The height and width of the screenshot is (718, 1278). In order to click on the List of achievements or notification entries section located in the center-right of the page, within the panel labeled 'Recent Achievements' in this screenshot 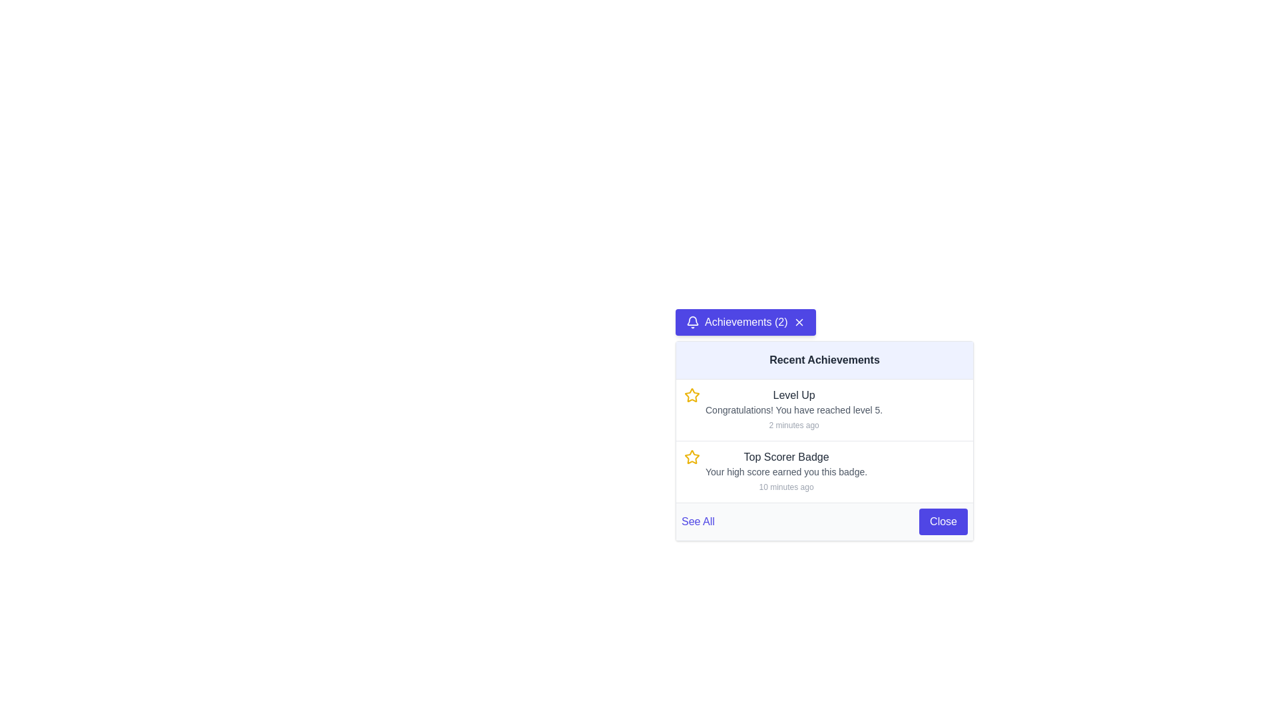, I will do `click(823, 441)`.